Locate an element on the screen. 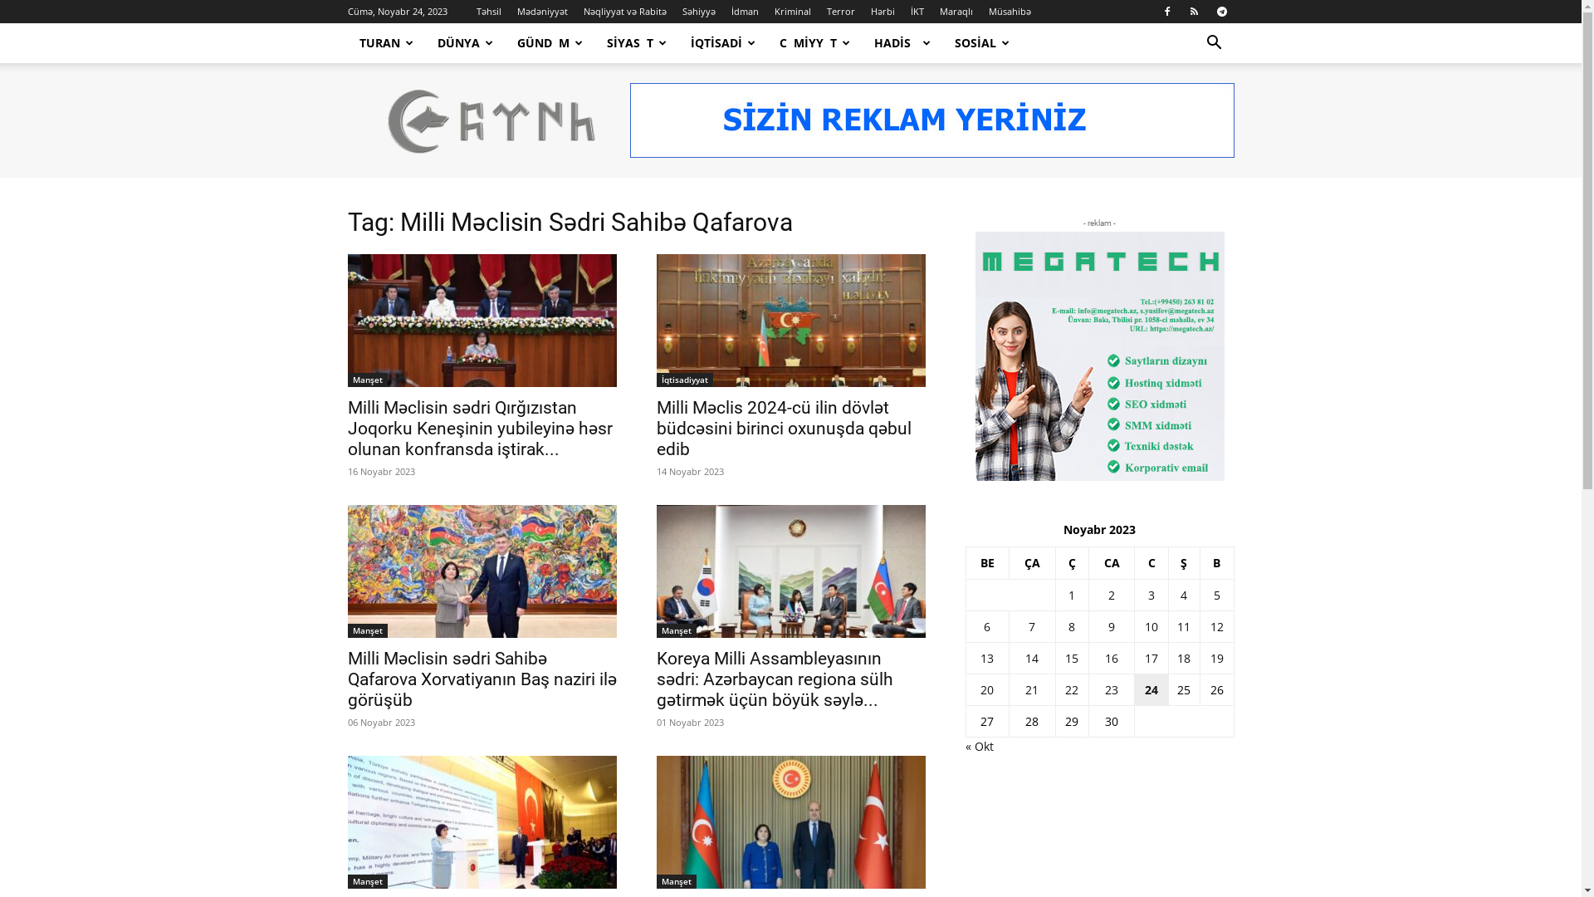 The width and height of the screenshot is (1594, 897). '1' is located at coordinates (1072, 594).